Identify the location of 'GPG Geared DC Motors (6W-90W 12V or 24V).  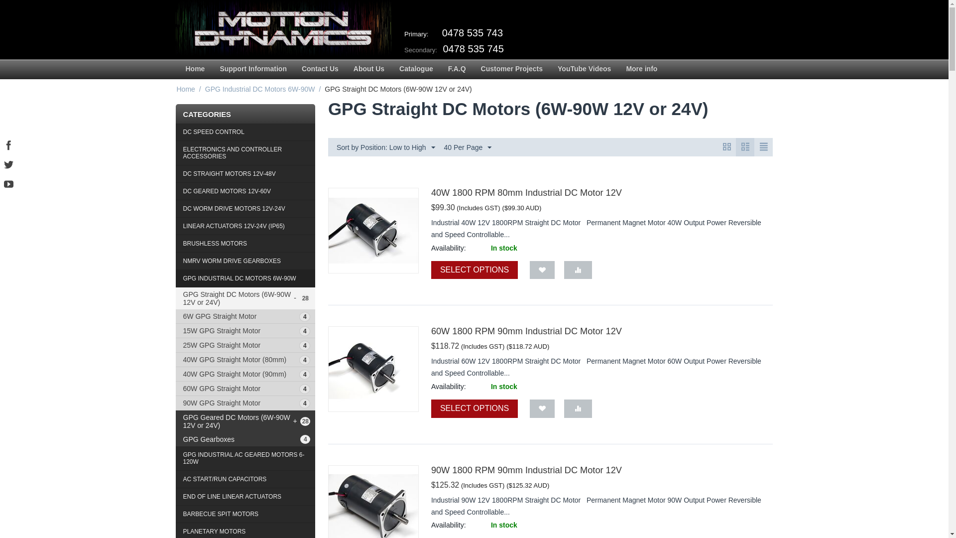
(245, 421).